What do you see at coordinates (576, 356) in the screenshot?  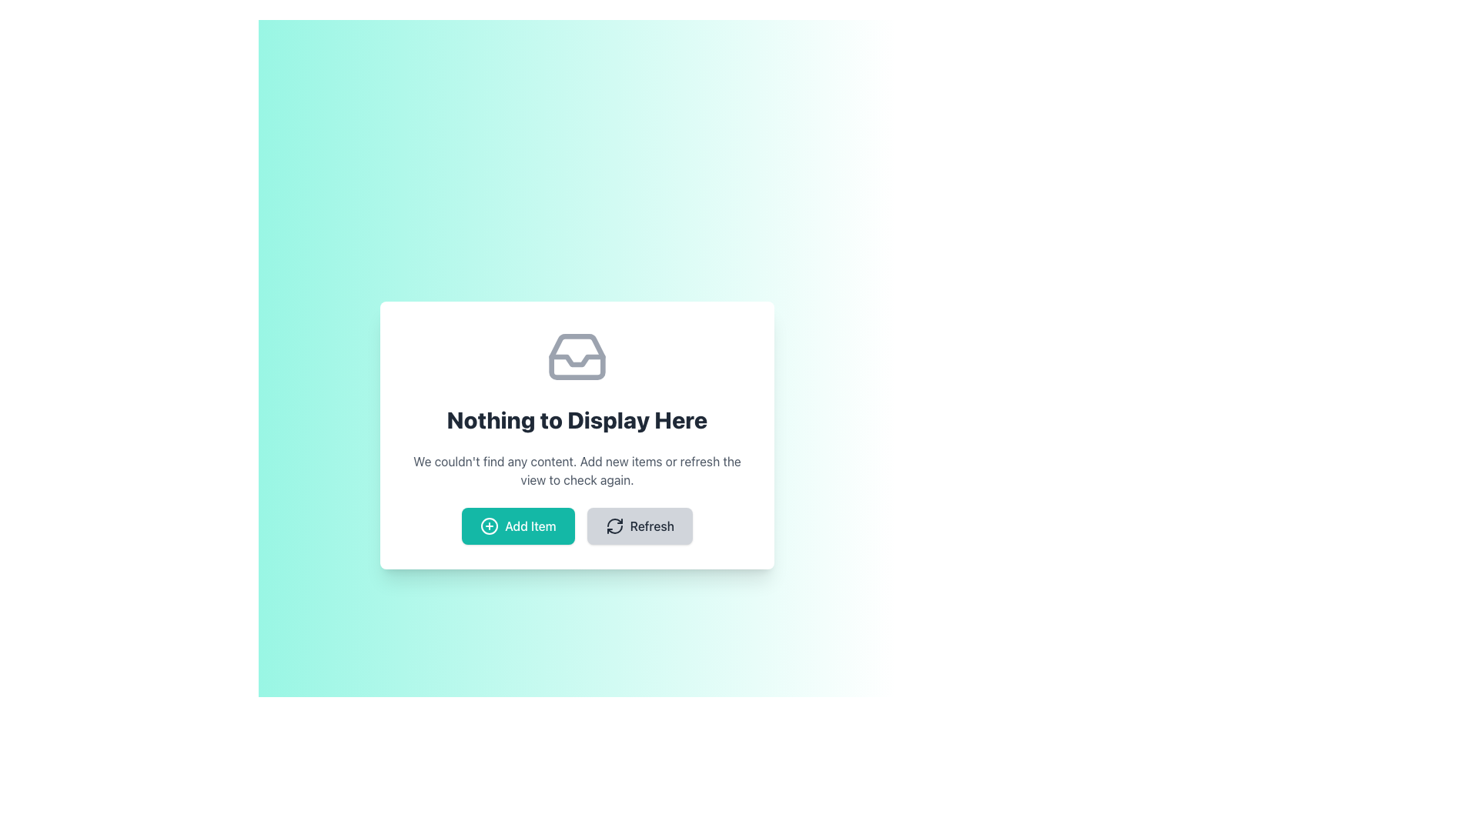 I see `the decorative icon indicating the absence of data, which is located in the middle of the card titled 'Nothing` at bounding box center [576, 356].